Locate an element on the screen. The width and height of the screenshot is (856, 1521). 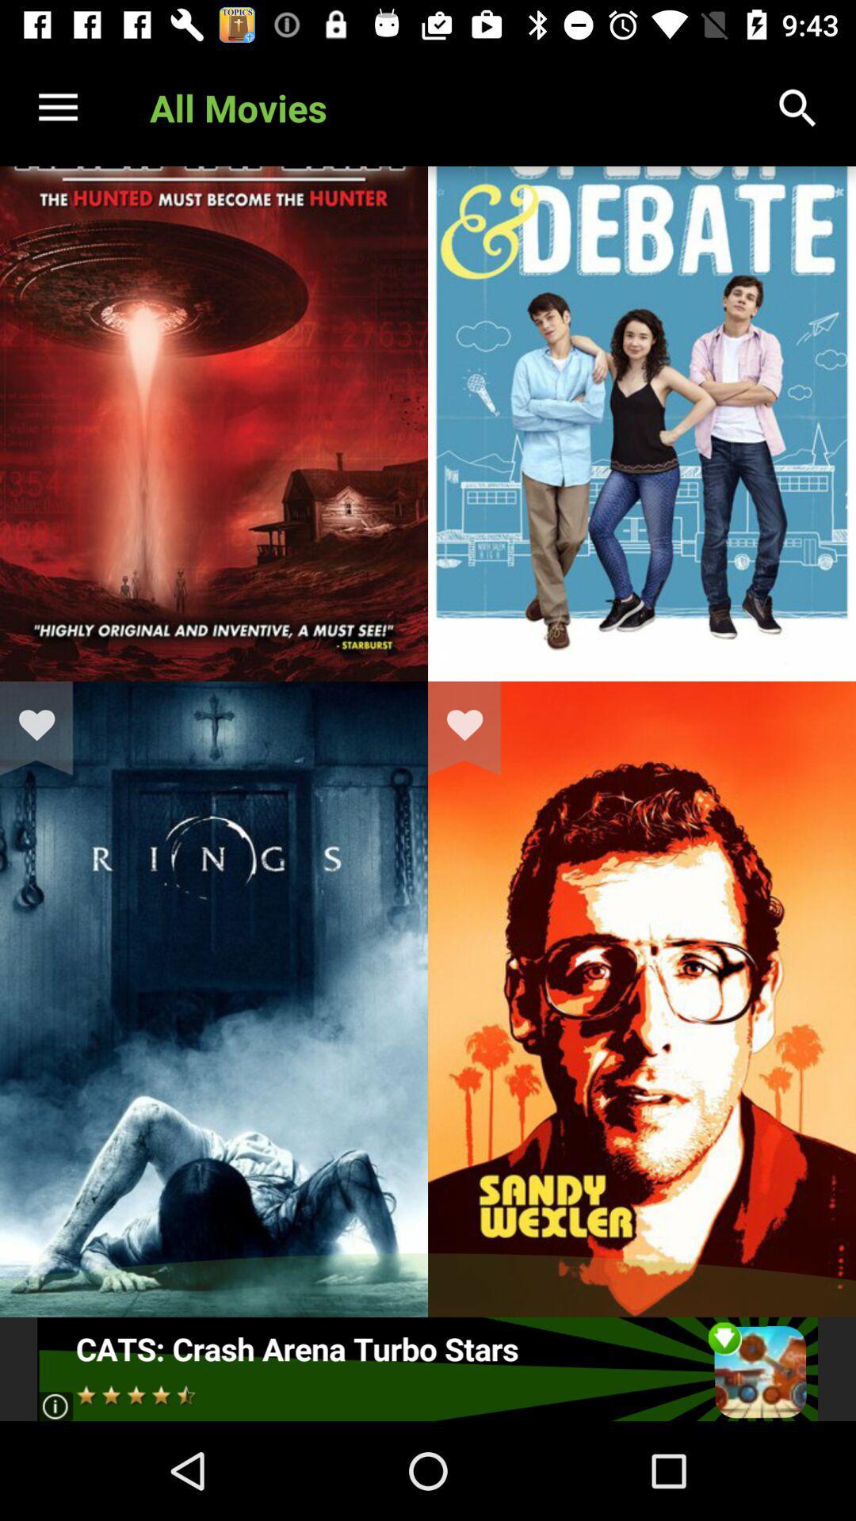
to favorites is located at coordinates (46, 727).